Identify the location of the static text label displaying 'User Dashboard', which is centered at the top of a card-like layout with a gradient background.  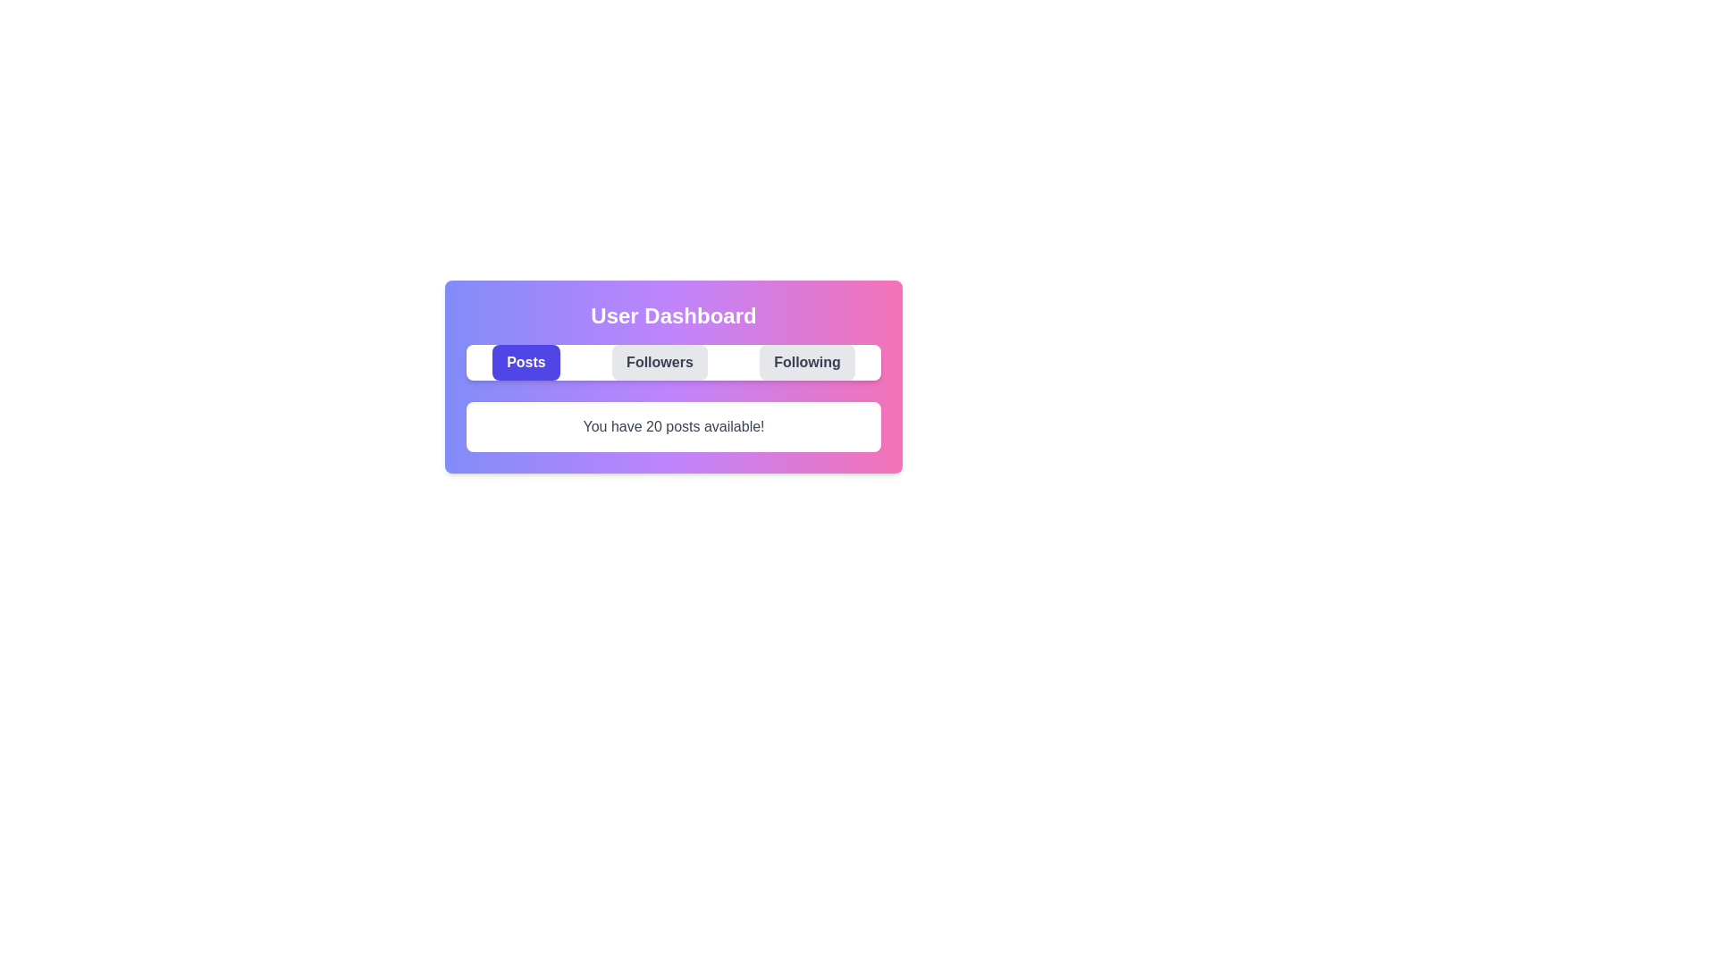
(672, 315).